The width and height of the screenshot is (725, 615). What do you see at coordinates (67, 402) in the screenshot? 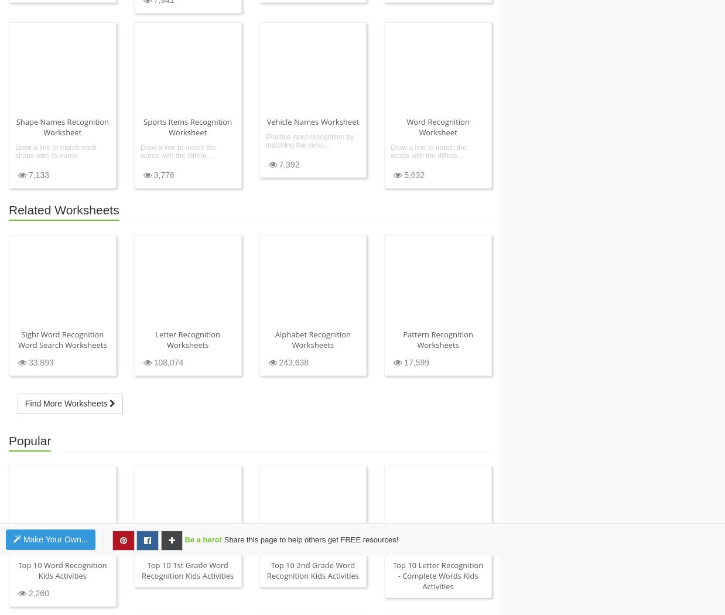
I see `'Find More Worksheets'` at bounding box center [67, 402].